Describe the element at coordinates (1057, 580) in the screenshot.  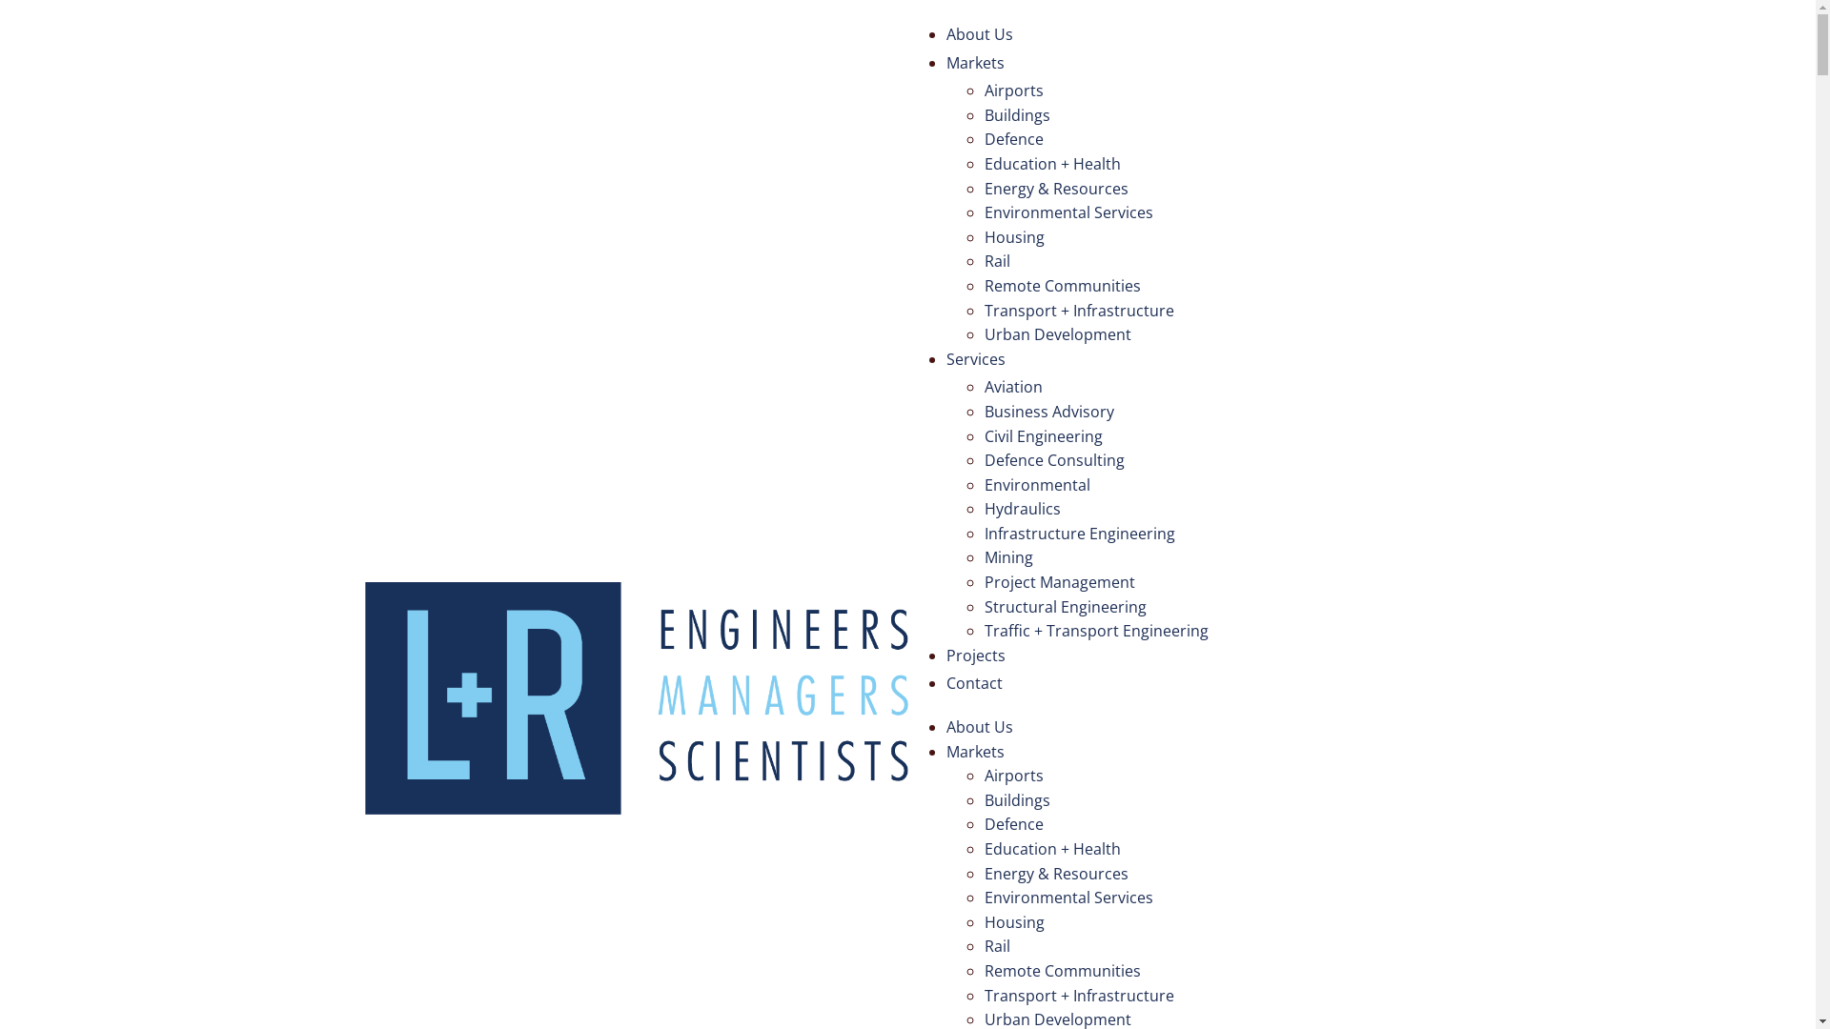
I see `'Project Management'` at that location.